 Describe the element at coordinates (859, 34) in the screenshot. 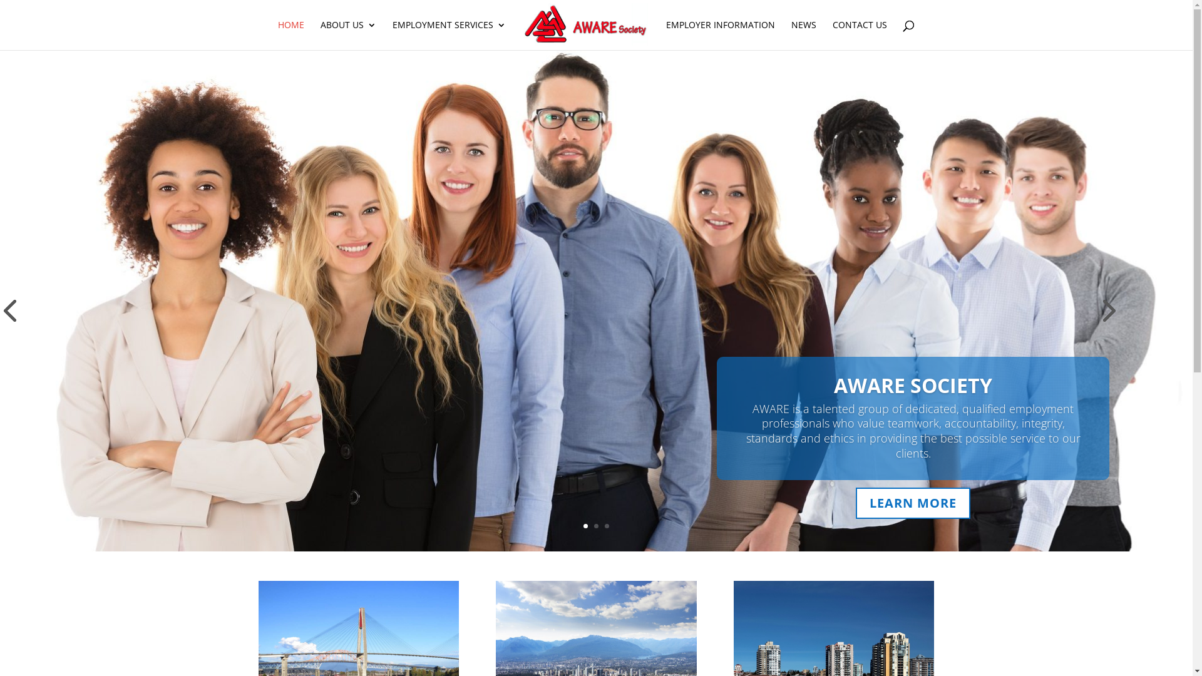

I see `'CONTACT US'` at that location.